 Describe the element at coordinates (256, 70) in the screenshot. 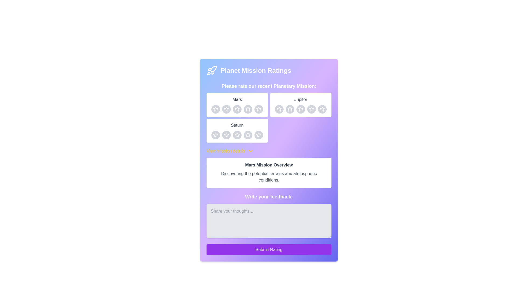

I see `the 'Planet Mission Ratings' text label, which serves as a header indicating the section's purpose and is located near the top center of the form interface` at that location.